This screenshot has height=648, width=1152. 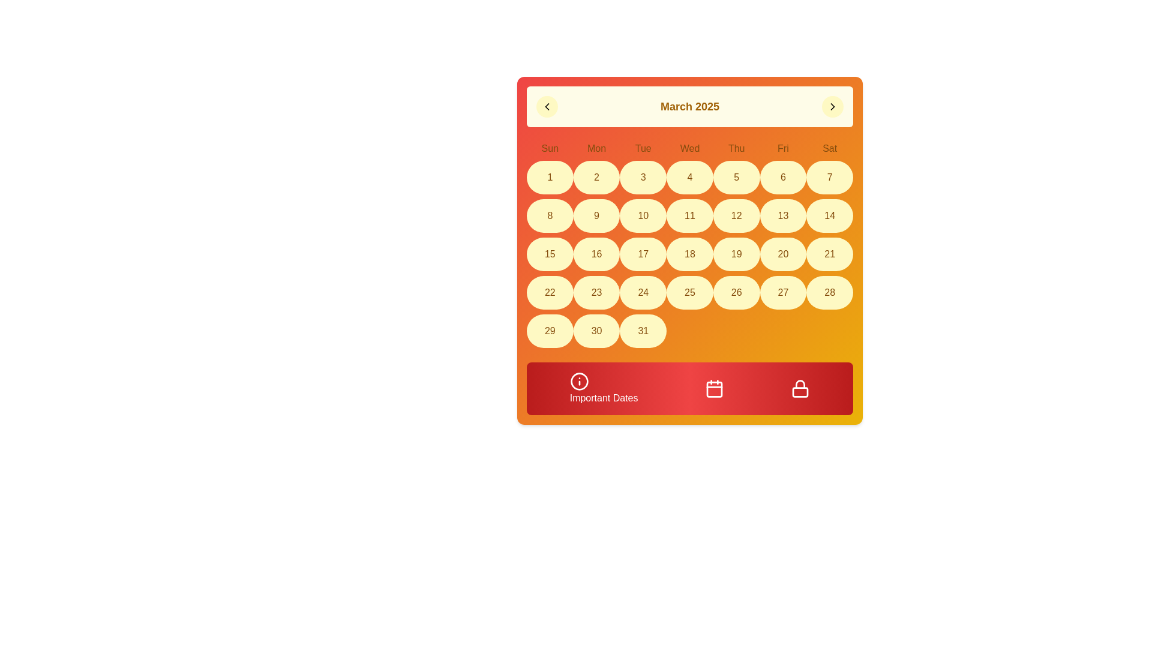 I want to click on the left-pointing chevron icon styled as an SVG component, which is located in the top-left corner of the interface, so click(x=547, y=106).